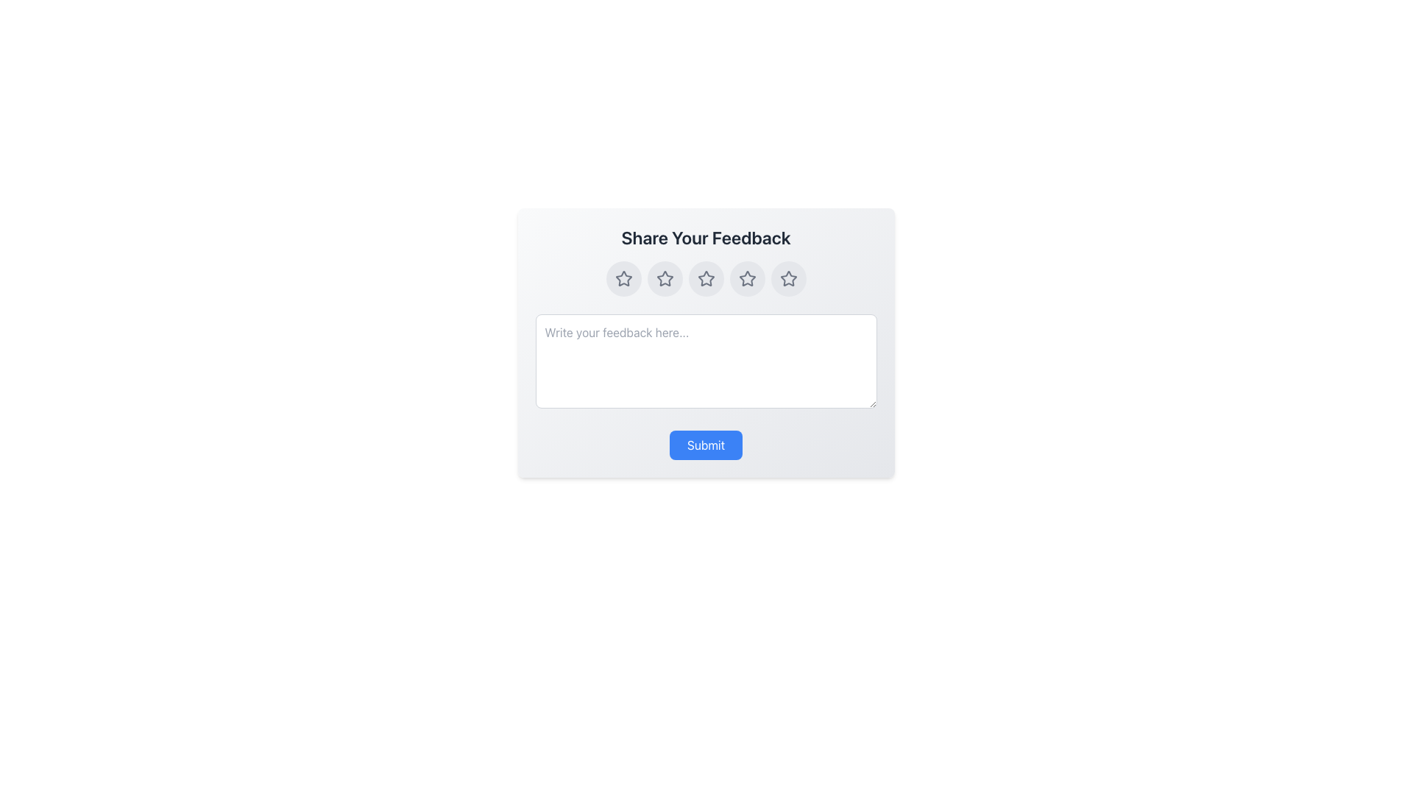 Image resolution: width=1413 pixels, height=795 pixels. I want to click on the fifth star icon in the row of star icons in the feedback form, which is hollow with a centered outline and styled in gray, so click(787, 278).